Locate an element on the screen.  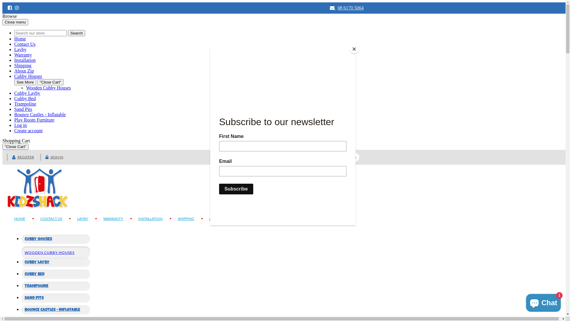
'SHIPPING' is located at coordinates (186, 218).